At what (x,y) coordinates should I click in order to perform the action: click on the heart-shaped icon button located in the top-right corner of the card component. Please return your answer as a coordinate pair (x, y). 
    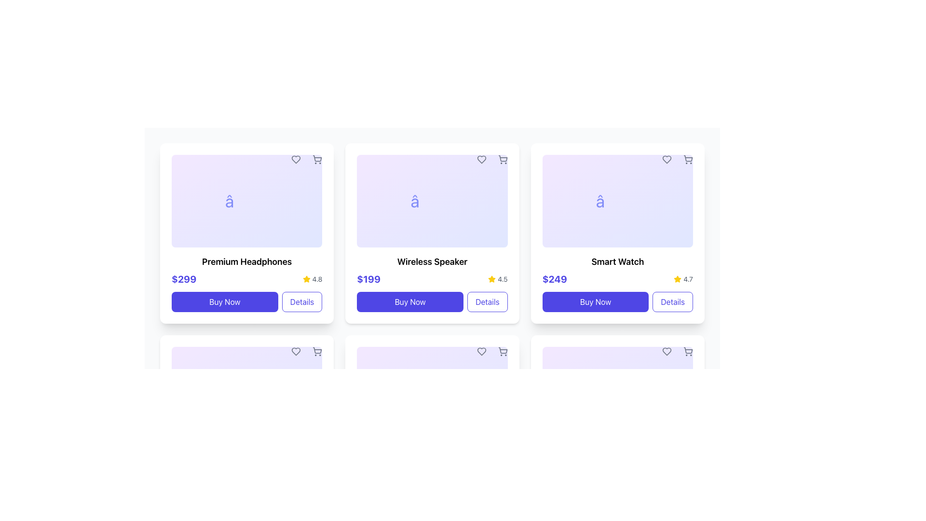
    Looking at the image, I should click on (296, 352).